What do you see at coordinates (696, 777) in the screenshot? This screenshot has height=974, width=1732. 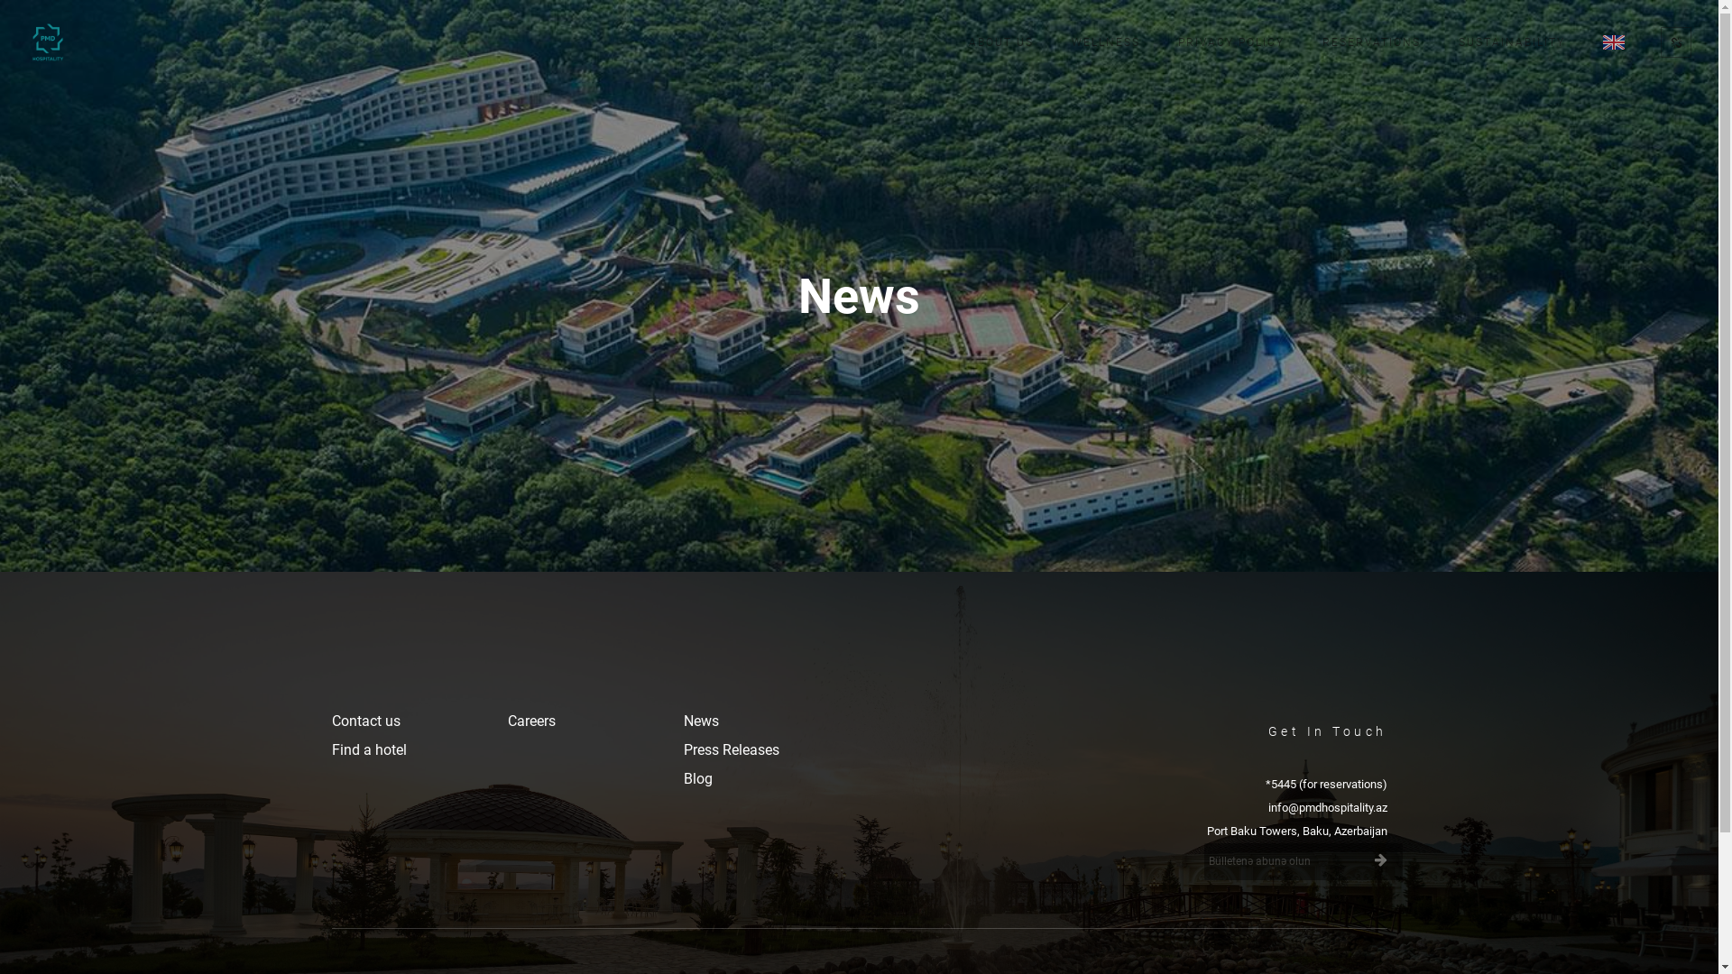 I see `'Blog'` at bounding box center [696, 777].